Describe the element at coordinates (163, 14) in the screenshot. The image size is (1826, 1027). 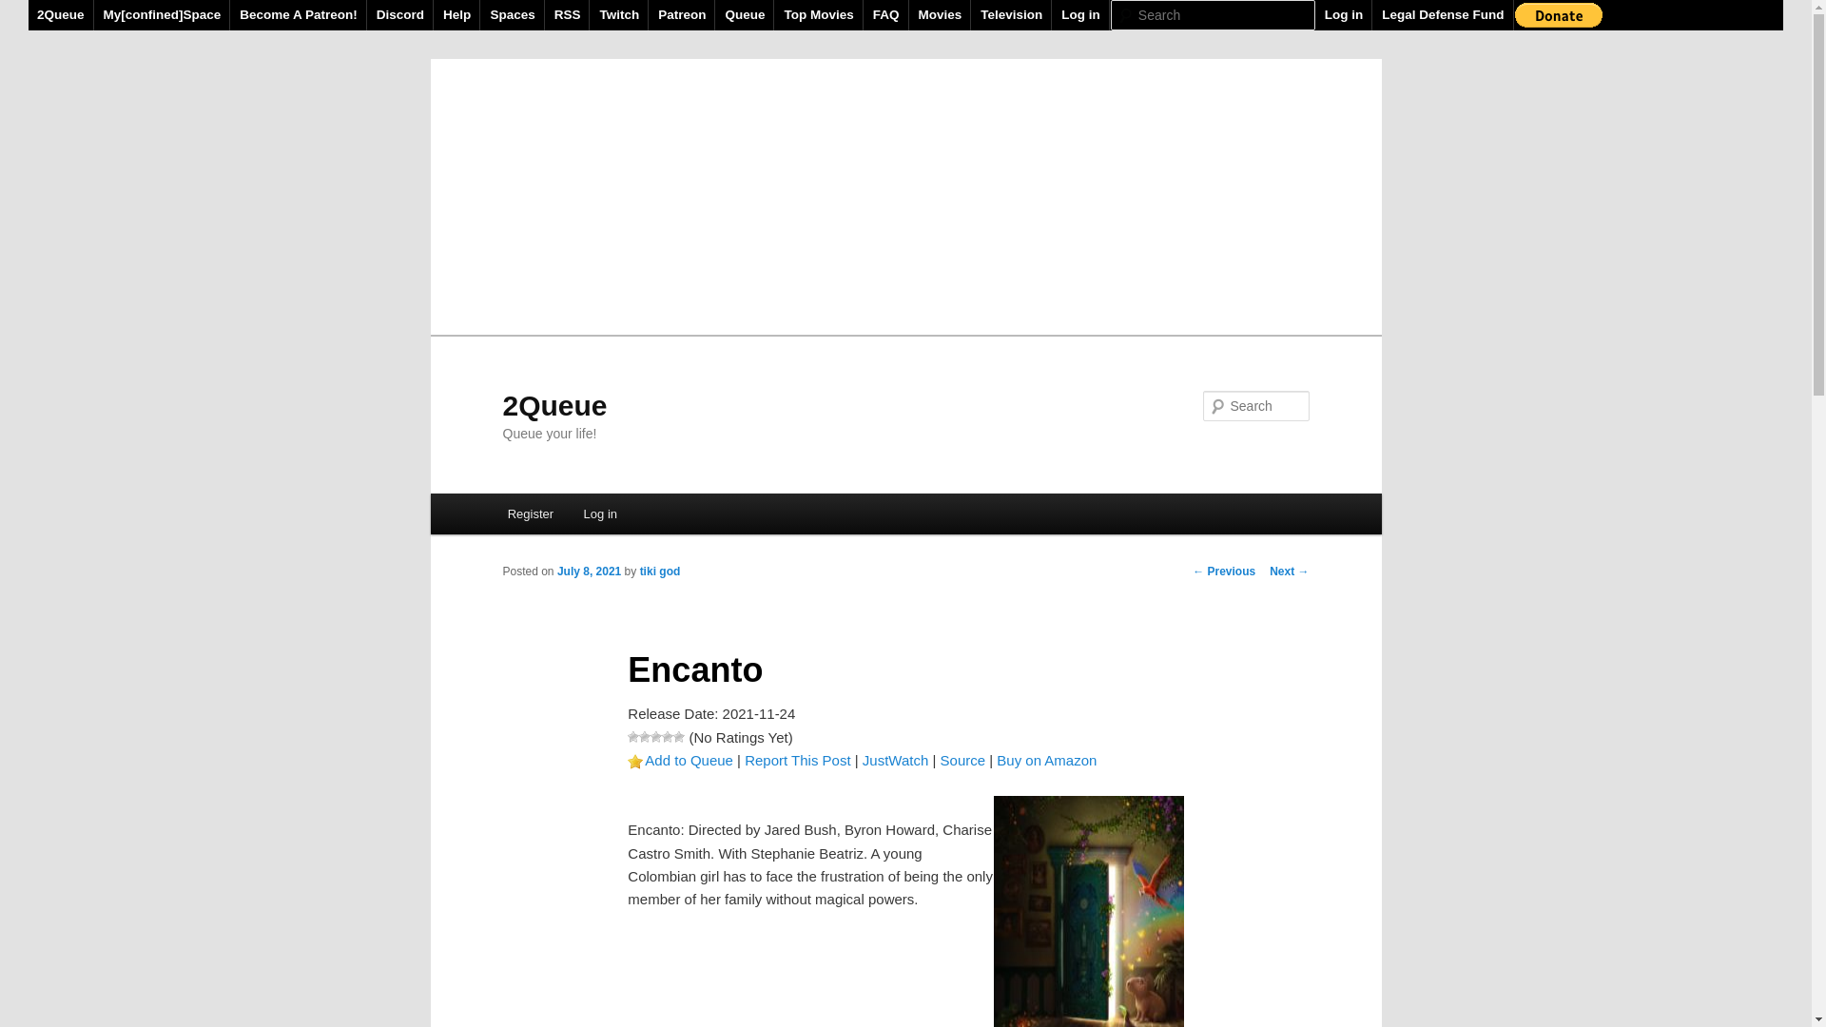
I see `'My[confined]Space'` at that location.